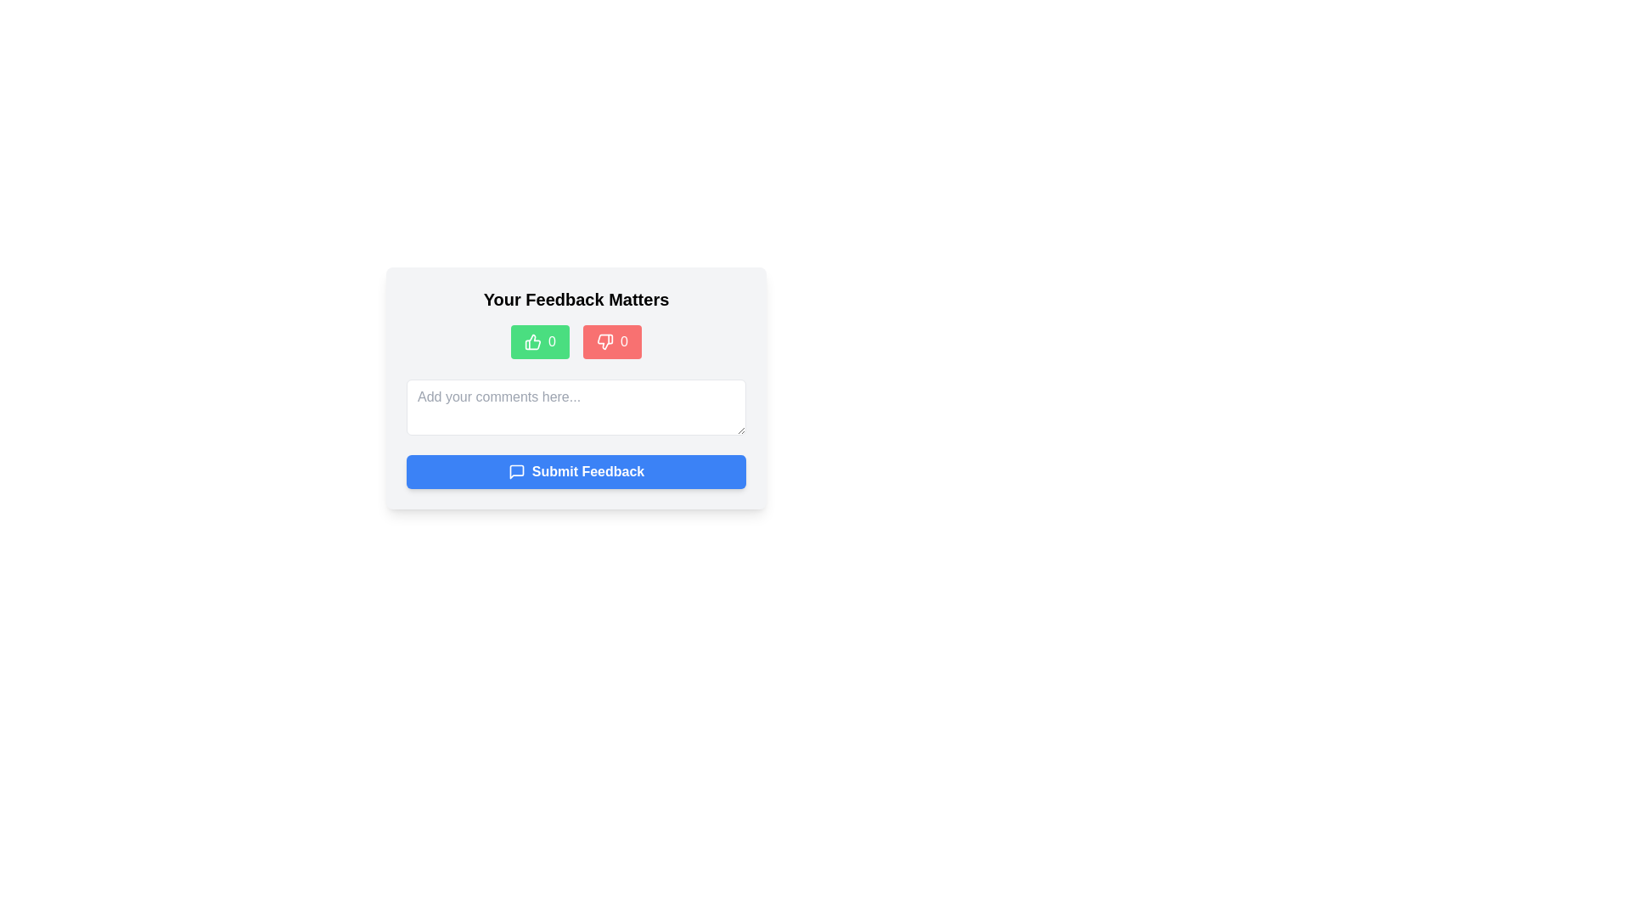 The width and height of the screenshot is (1630, 917). I want to click on the feedback SVG icon located to the left of the 'Submit Feedback' text within the blue button, so click(515, 471).